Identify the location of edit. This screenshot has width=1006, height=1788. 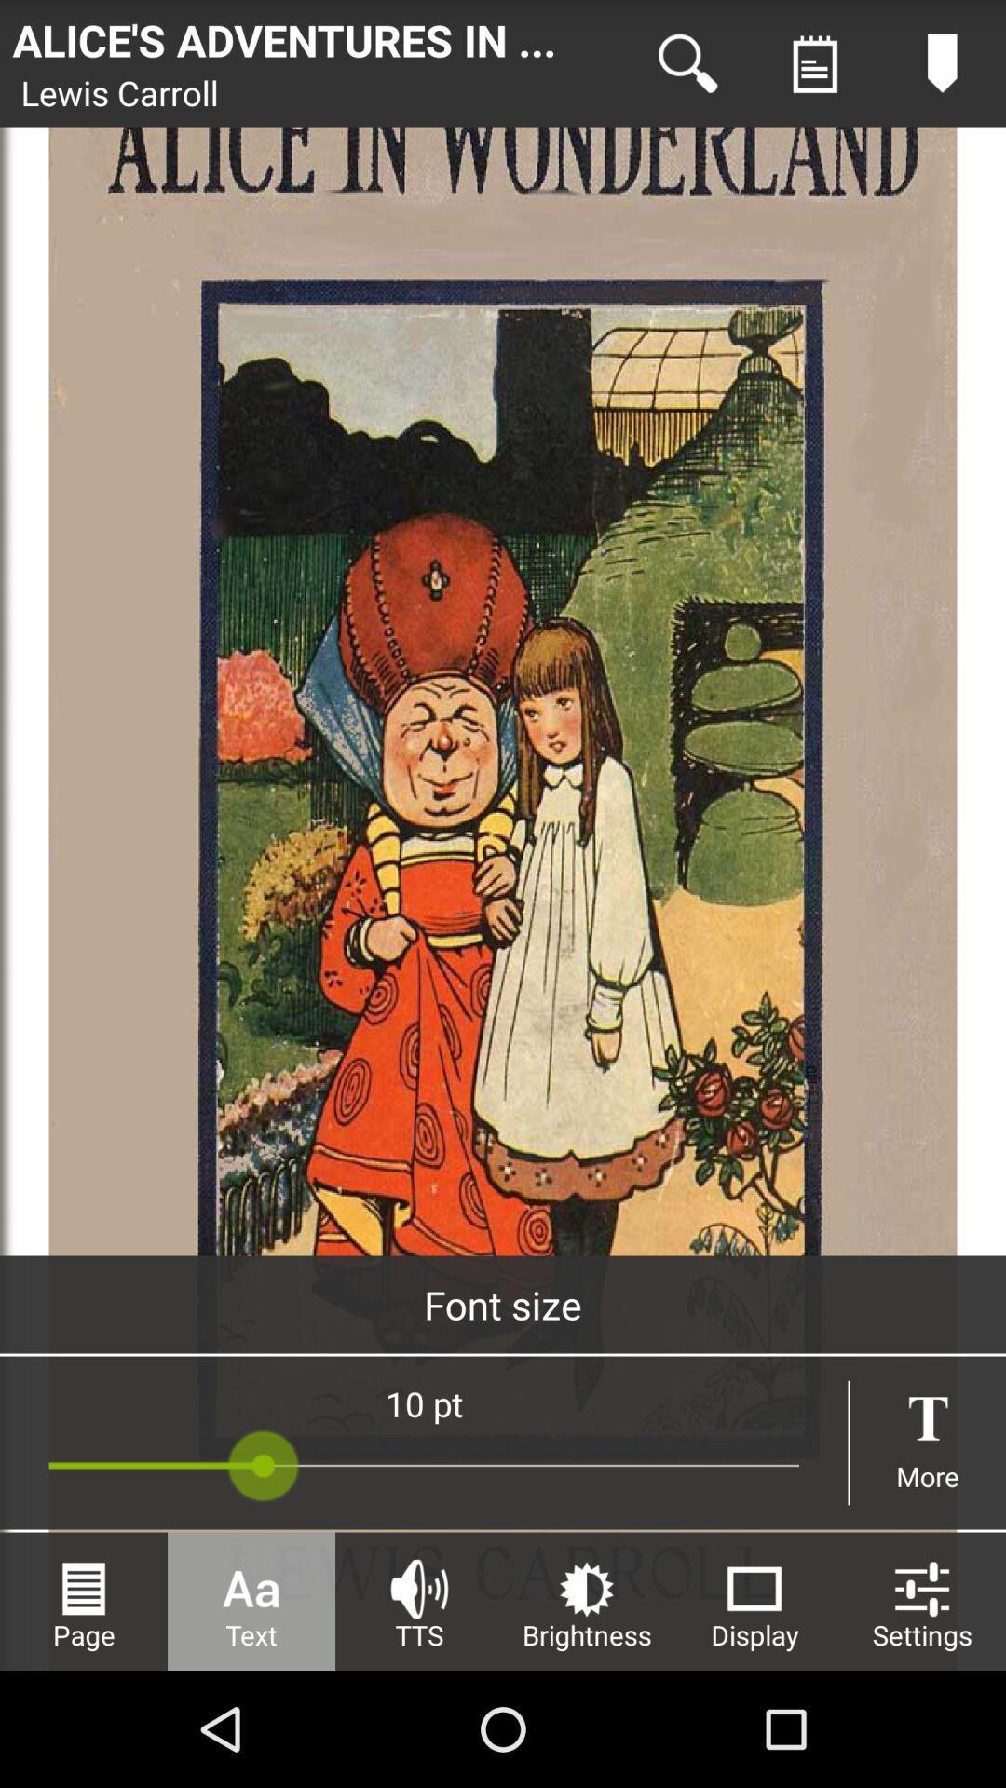
(942, 63).